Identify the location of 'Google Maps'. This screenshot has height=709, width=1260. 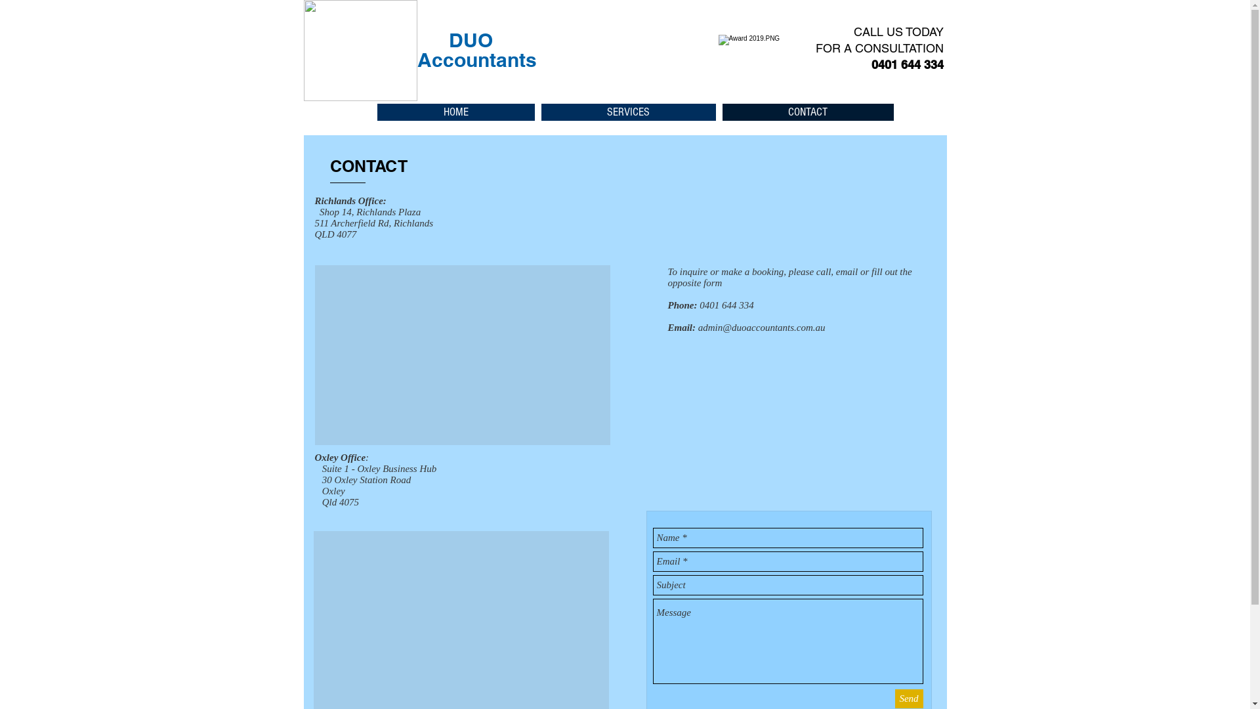
(462, 354).